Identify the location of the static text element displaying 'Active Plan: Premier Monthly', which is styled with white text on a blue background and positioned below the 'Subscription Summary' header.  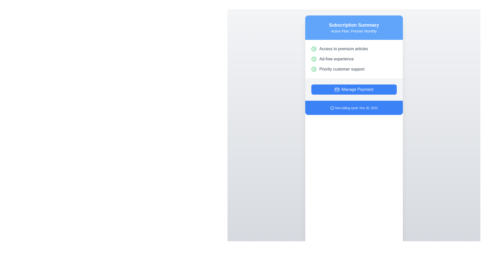
(354, 31).